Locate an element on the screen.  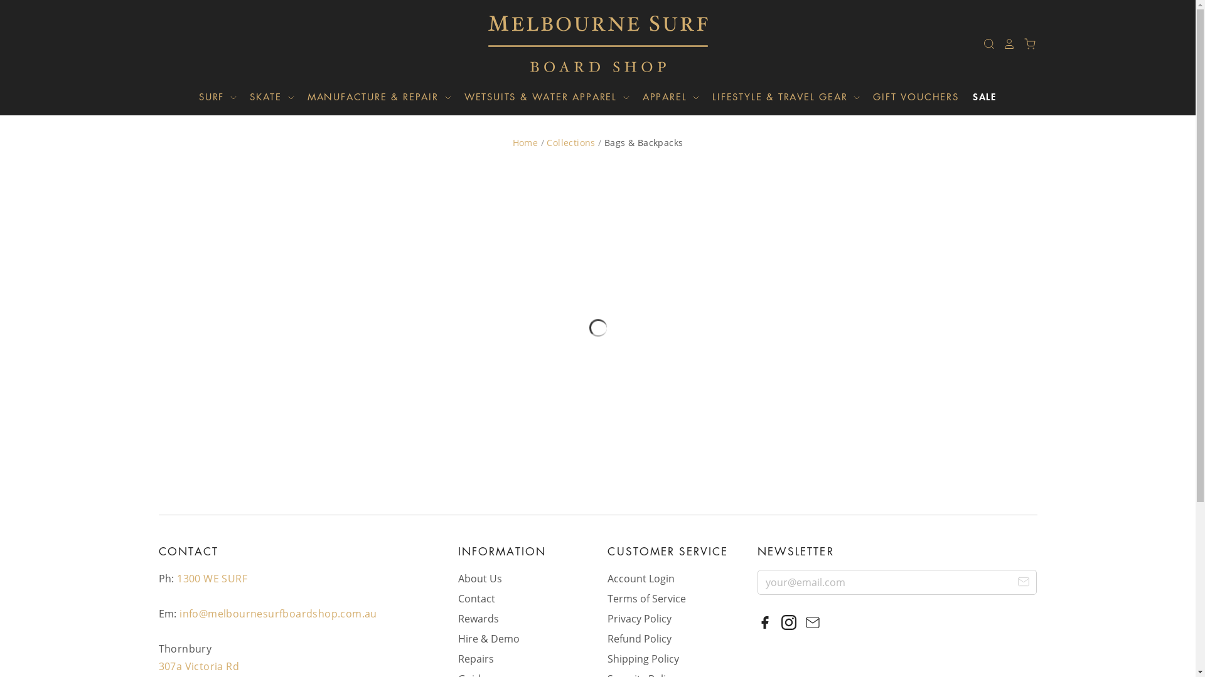
'Collections' is located at coordinates (570, 142).